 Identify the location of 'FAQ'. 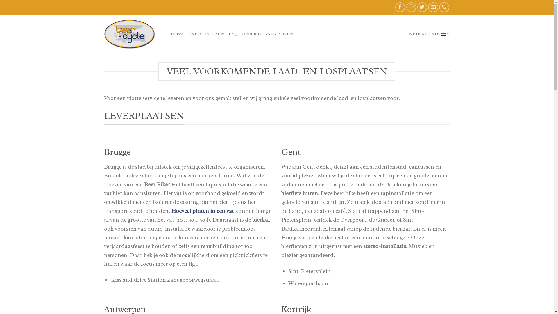
(233, 33).